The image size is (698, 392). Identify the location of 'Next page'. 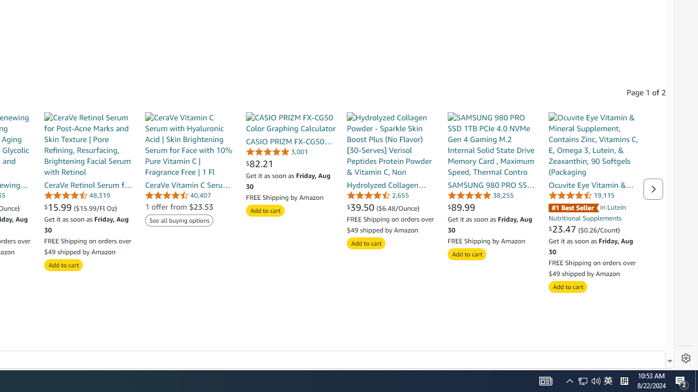
(653, 188).